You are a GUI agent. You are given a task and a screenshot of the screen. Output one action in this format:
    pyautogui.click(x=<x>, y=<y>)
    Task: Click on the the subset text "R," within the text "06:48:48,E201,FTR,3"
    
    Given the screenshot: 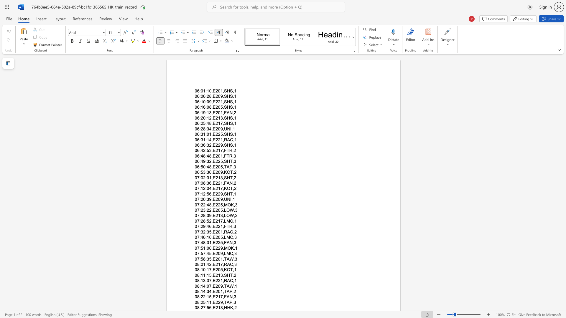 What is the action you would take?
    pyautogui.click(x=229, y=155)
    